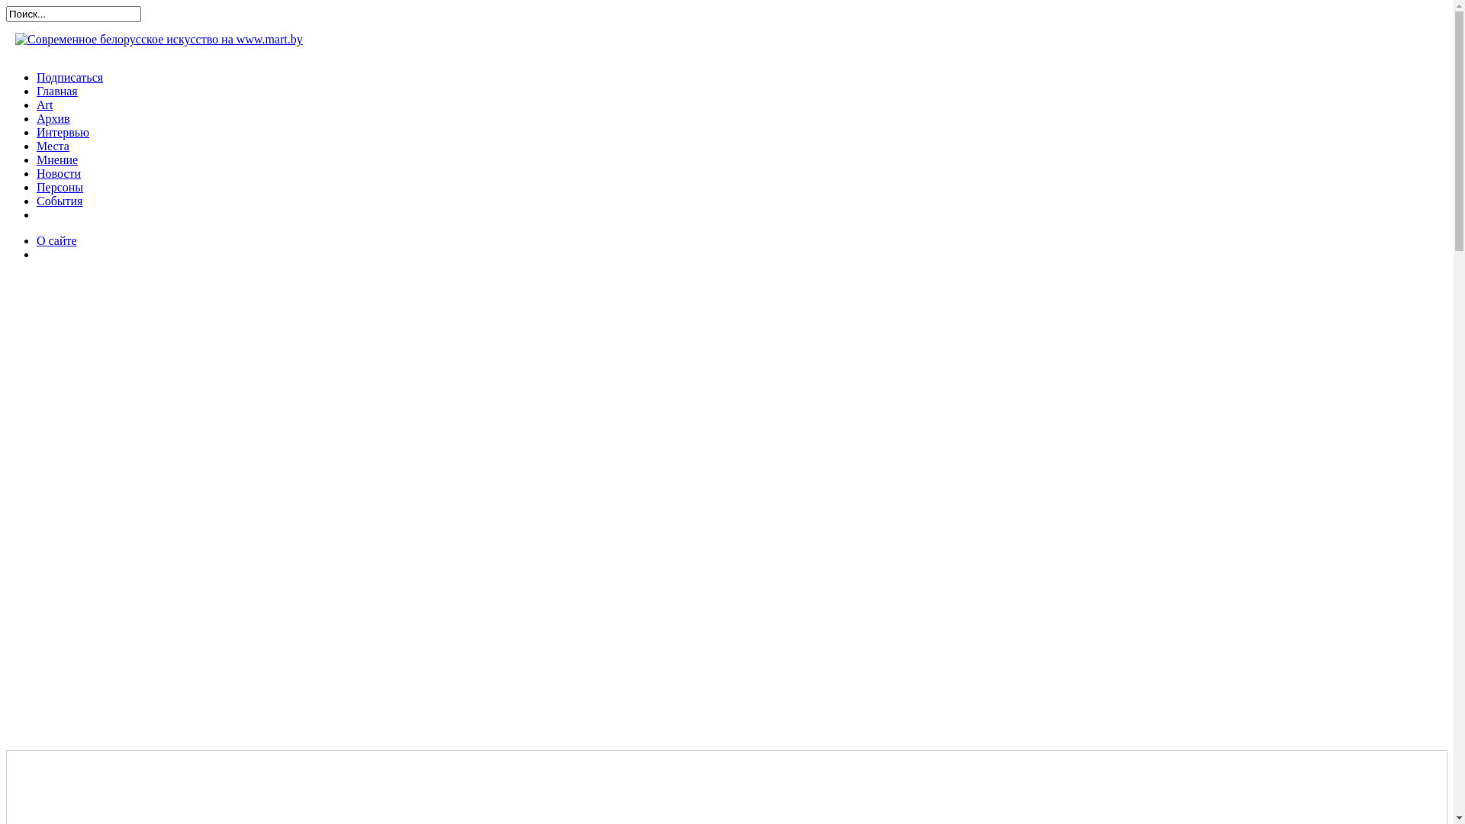 The image size is (1465, 824). I want to click on 'Art', so click(37, 104).